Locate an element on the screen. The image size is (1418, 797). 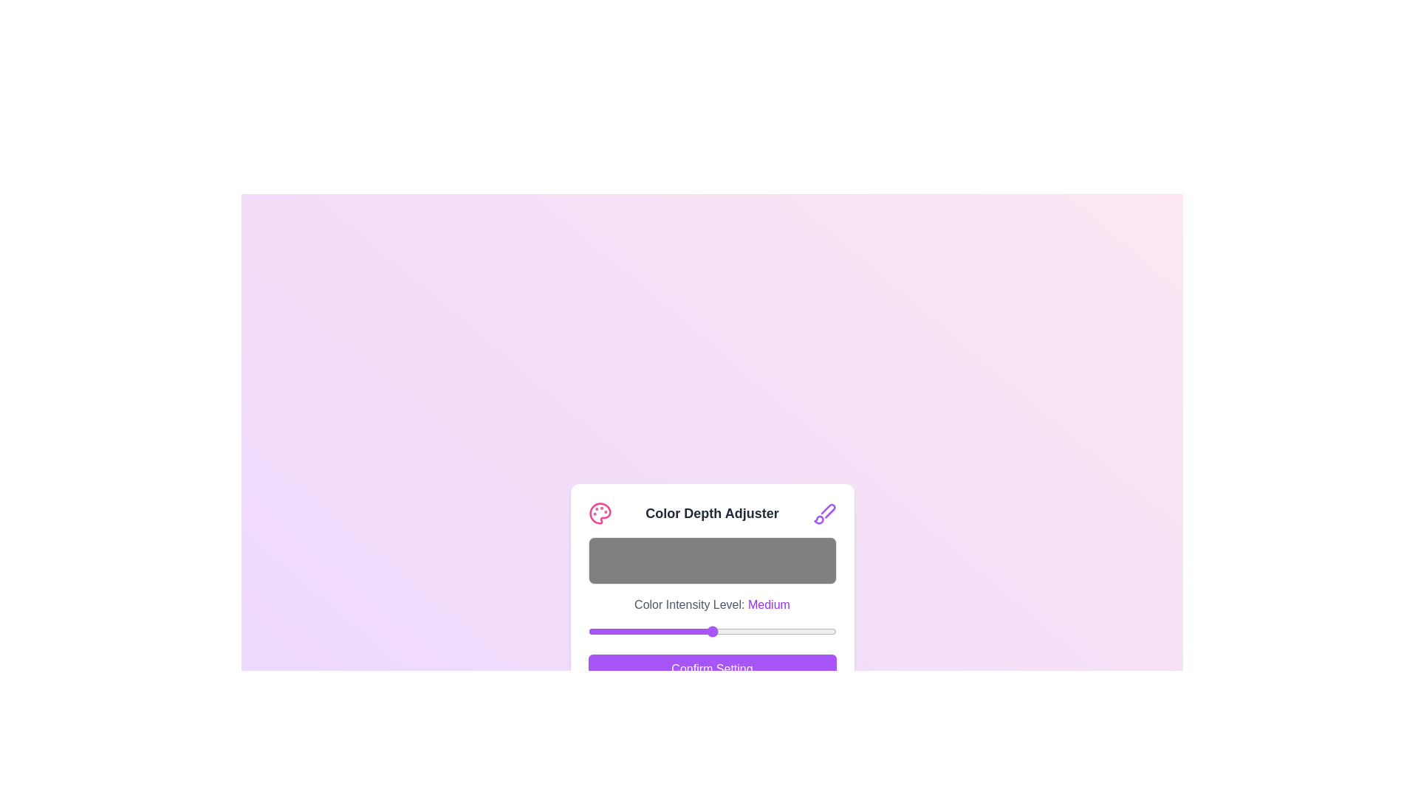
the color intensity slider to 192 where 192 is a value between 0 and 255 is located at coordinates (774, 631).